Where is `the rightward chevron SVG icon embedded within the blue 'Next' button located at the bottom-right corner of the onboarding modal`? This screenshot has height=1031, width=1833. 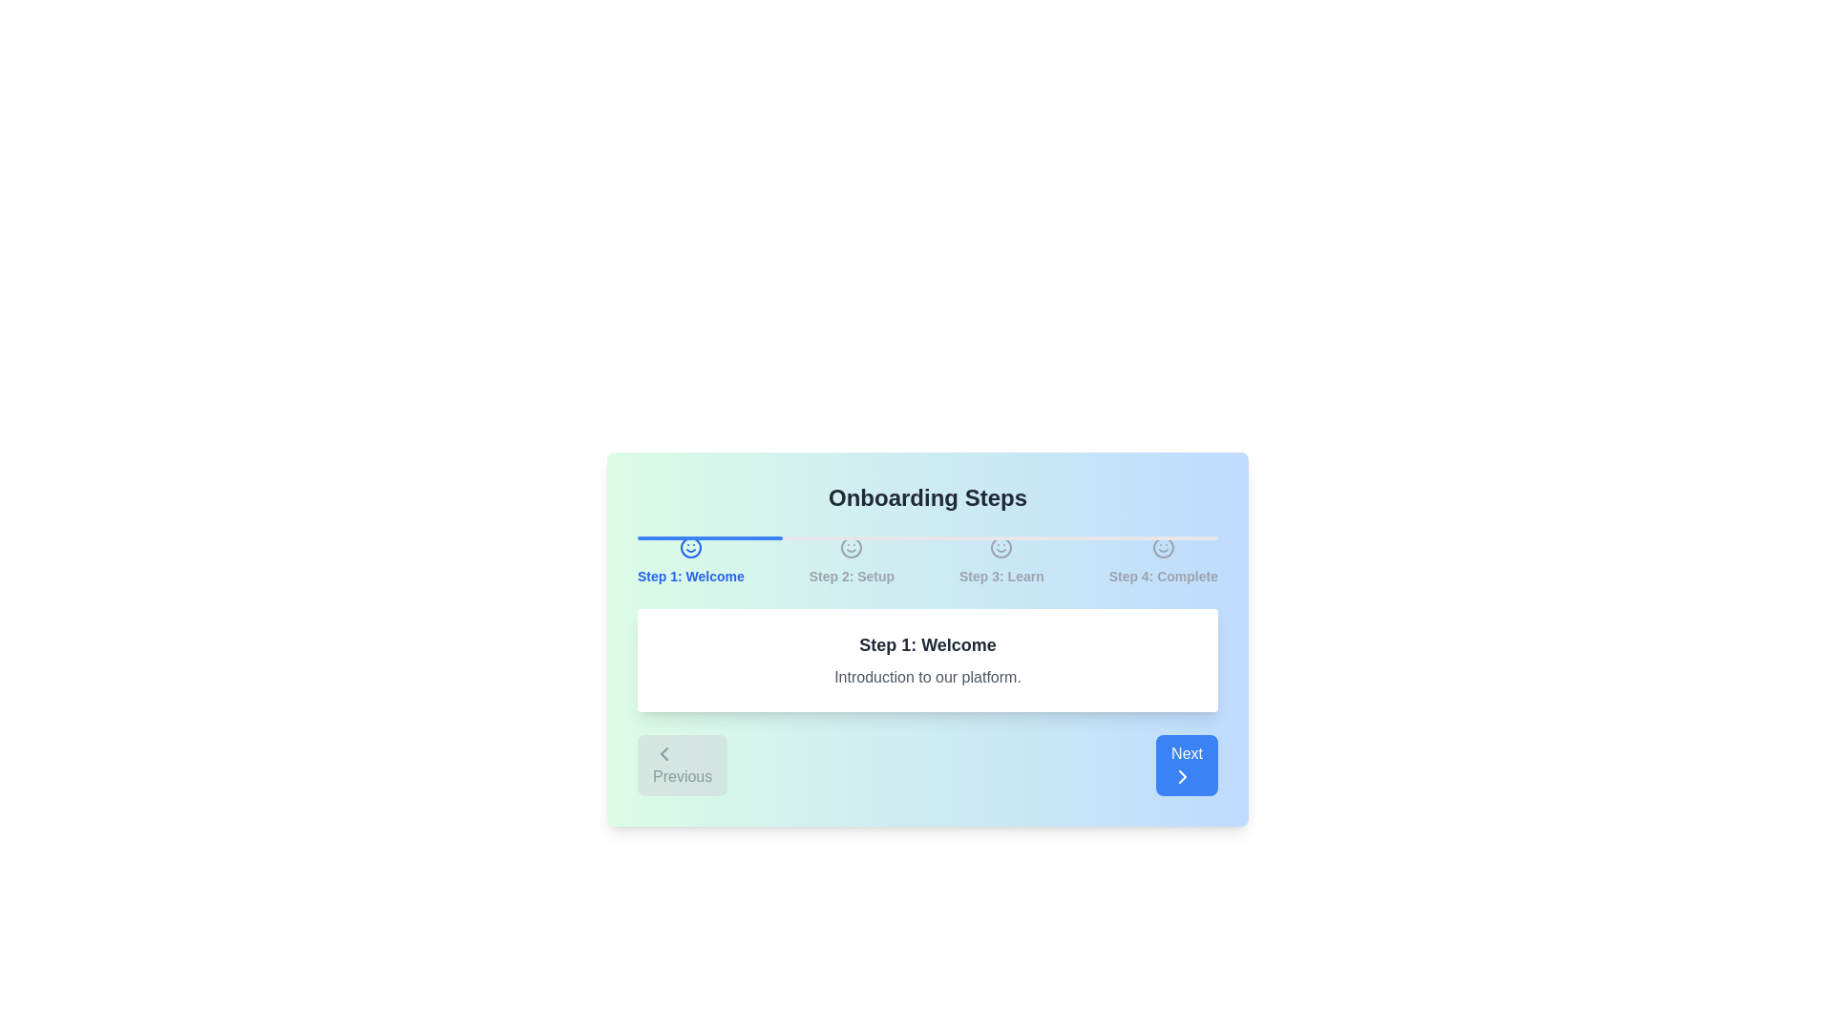 the rightward chevron SVG icon embedded within the blue 'Next' button located at the bottom-right corner of the onboarding modal is located at coordinates (1182, 776).